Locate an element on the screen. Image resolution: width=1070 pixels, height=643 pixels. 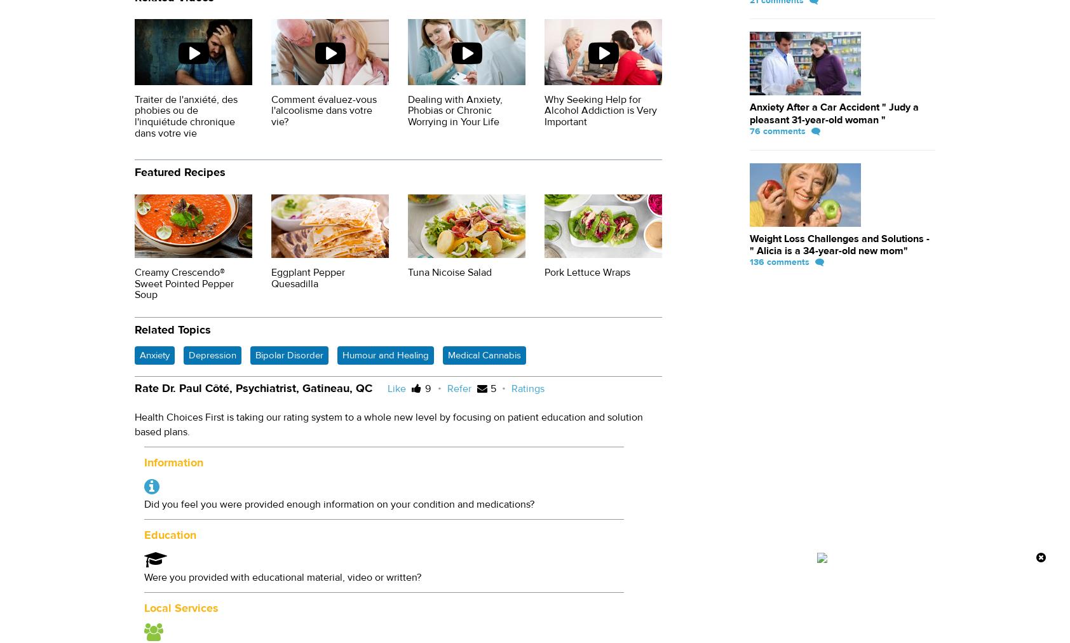
'76 comments' is located at coordinates (776, 131).